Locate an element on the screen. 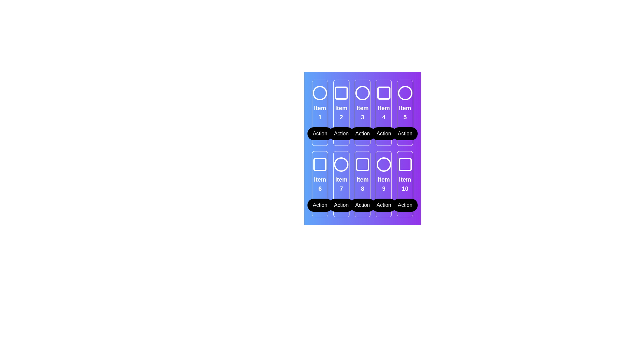  the text label that identifies item number 5 in the fifth column of the grid, situated between a circular icon above and an 'Action' button below is located at coordinates (405, 112).